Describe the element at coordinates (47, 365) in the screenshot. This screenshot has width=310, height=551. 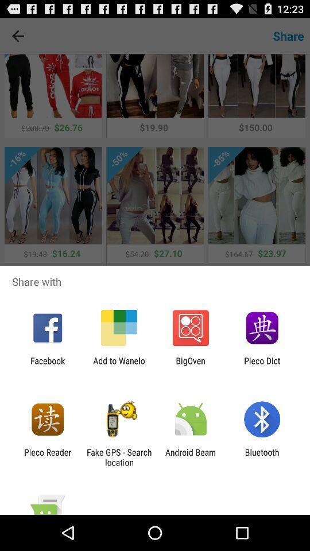
I see `the facebook app` at that location.